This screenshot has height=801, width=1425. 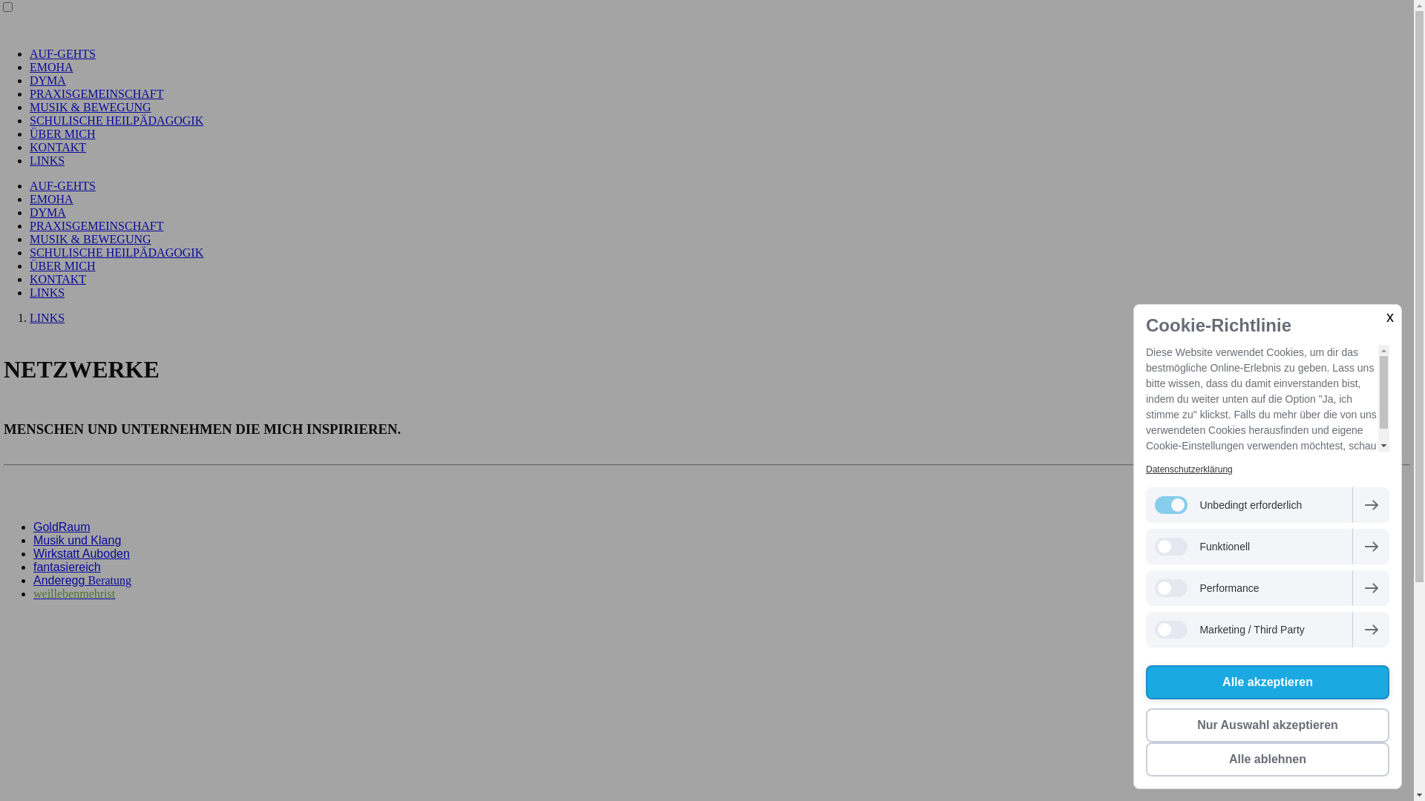 I want to click on 'EMOHA', so click(x=51, y=198).